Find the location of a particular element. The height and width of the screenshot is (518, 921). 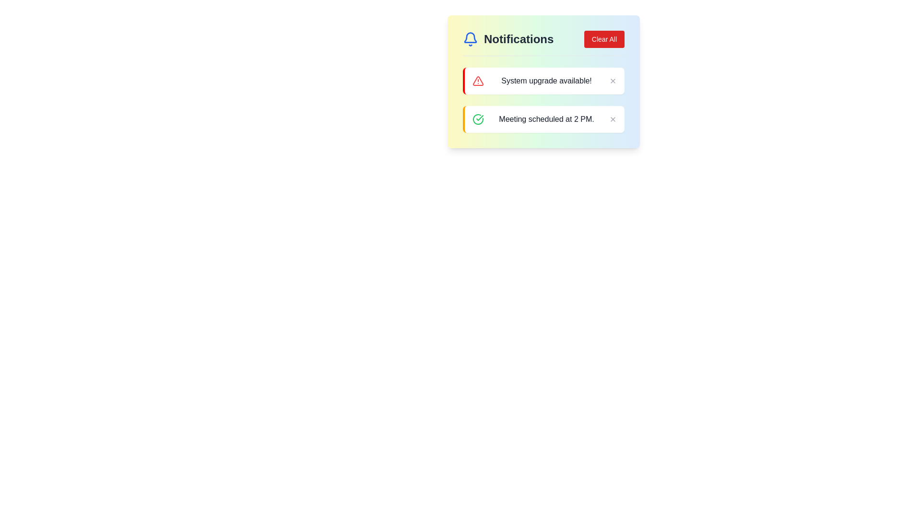

the dismiss button icon resembling a cross mark ('×') located at the far right of the notification card for the meeting scheduled at 2 PM is located at coordinates (612, 119).